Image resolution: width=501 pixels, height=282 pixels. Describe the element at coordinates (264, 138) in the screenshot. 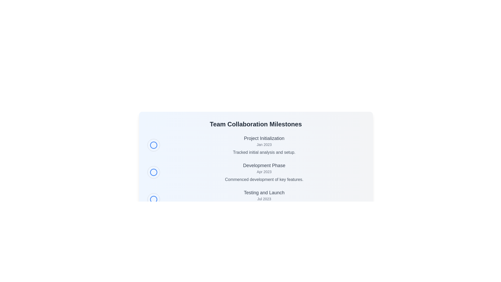

I see `the text label that reads 'Project Initialization', which is styled in a larger, bolded medium gray font and located above the smaller text 'Jan 2023' in the vertical timeline layout` at that location.